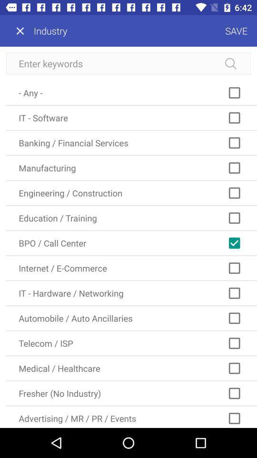 This screenshot has width=257, height=458. I want to click on the - any -, so click(131, 93).